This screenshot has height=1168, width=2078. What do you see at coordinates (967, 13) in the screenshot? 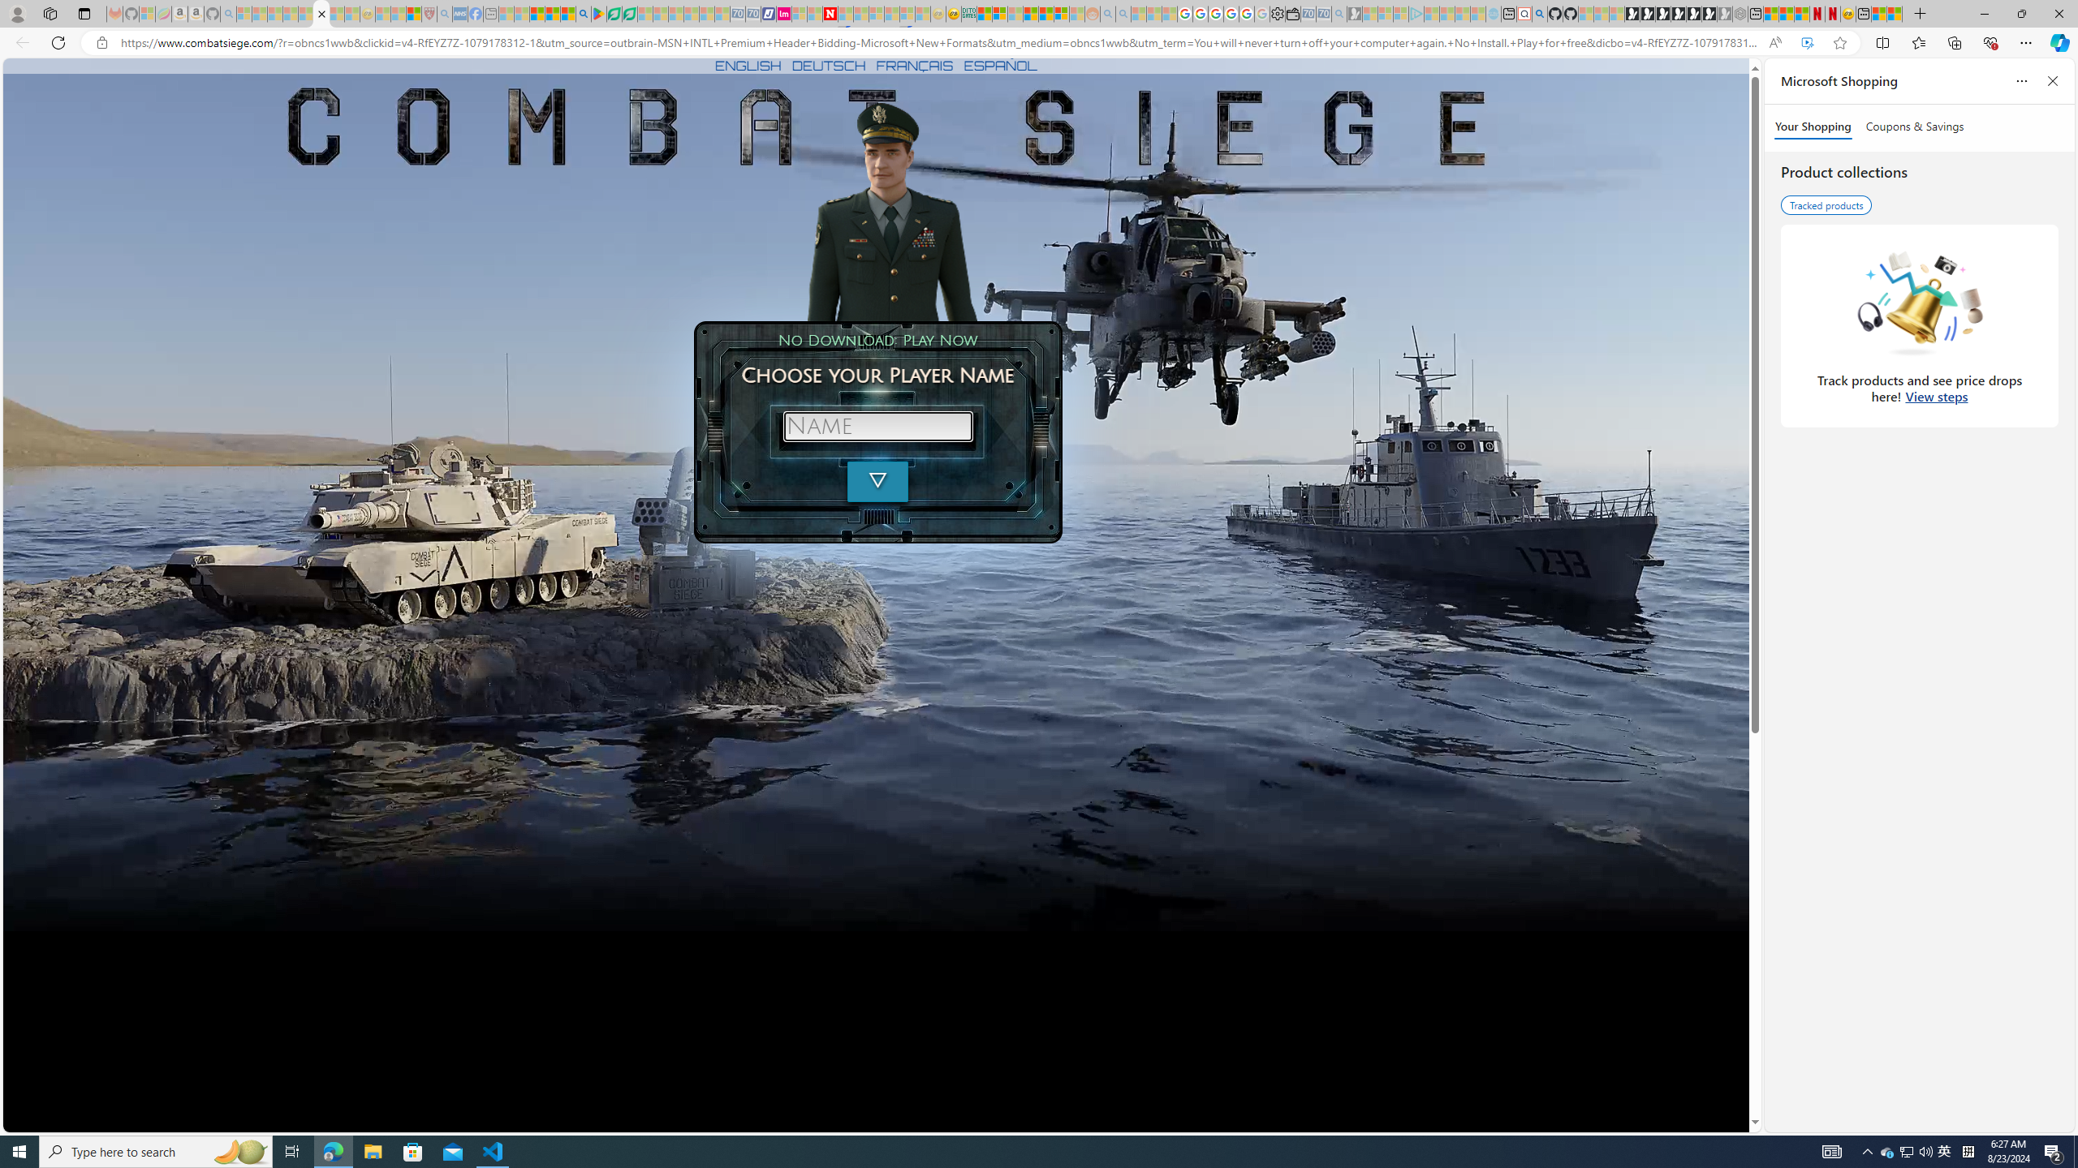
I see `'DITOGAMES AG Imprint'` at bounding box center [967, 13].